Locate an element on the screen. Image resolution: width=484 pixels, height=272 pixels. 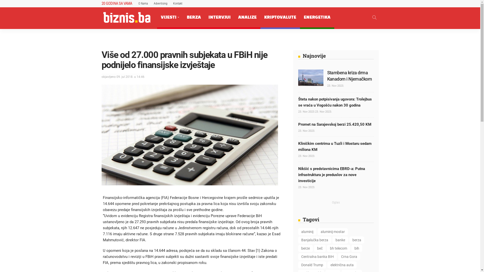
'Biznis.ba' is located at coordinates (127, 17).